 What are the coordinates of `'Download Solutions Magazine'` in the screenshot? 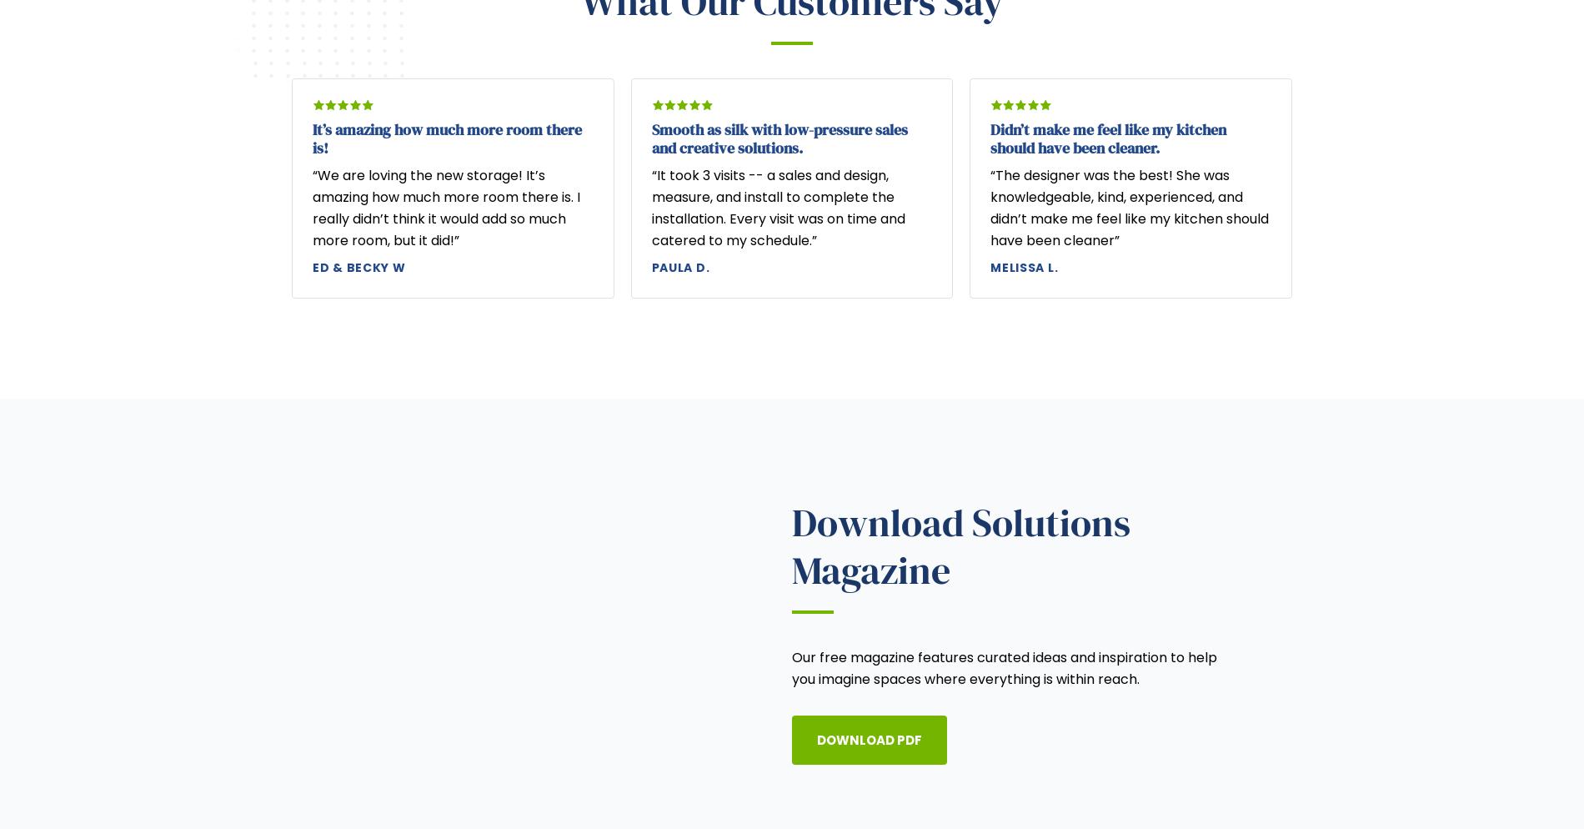 It's located at (960, 546).